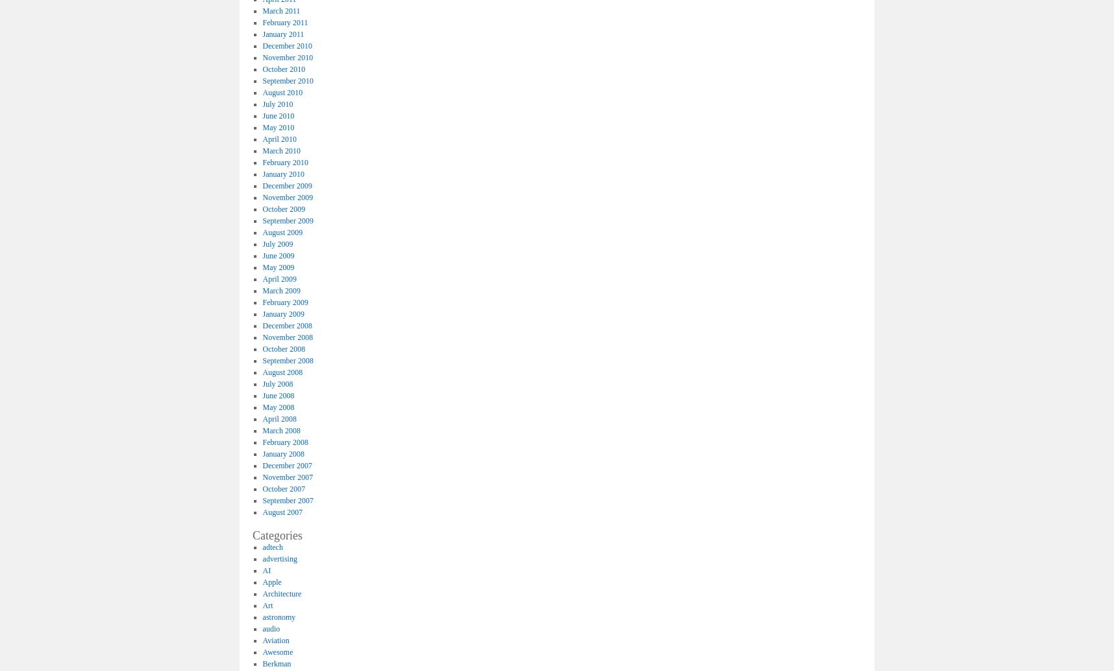 The height and width of the screenshot is (671, 1114). What do you see at coordinates (262, 150) in the screenshot?
I see `'March 2010'` at bounding box center [262, 150].